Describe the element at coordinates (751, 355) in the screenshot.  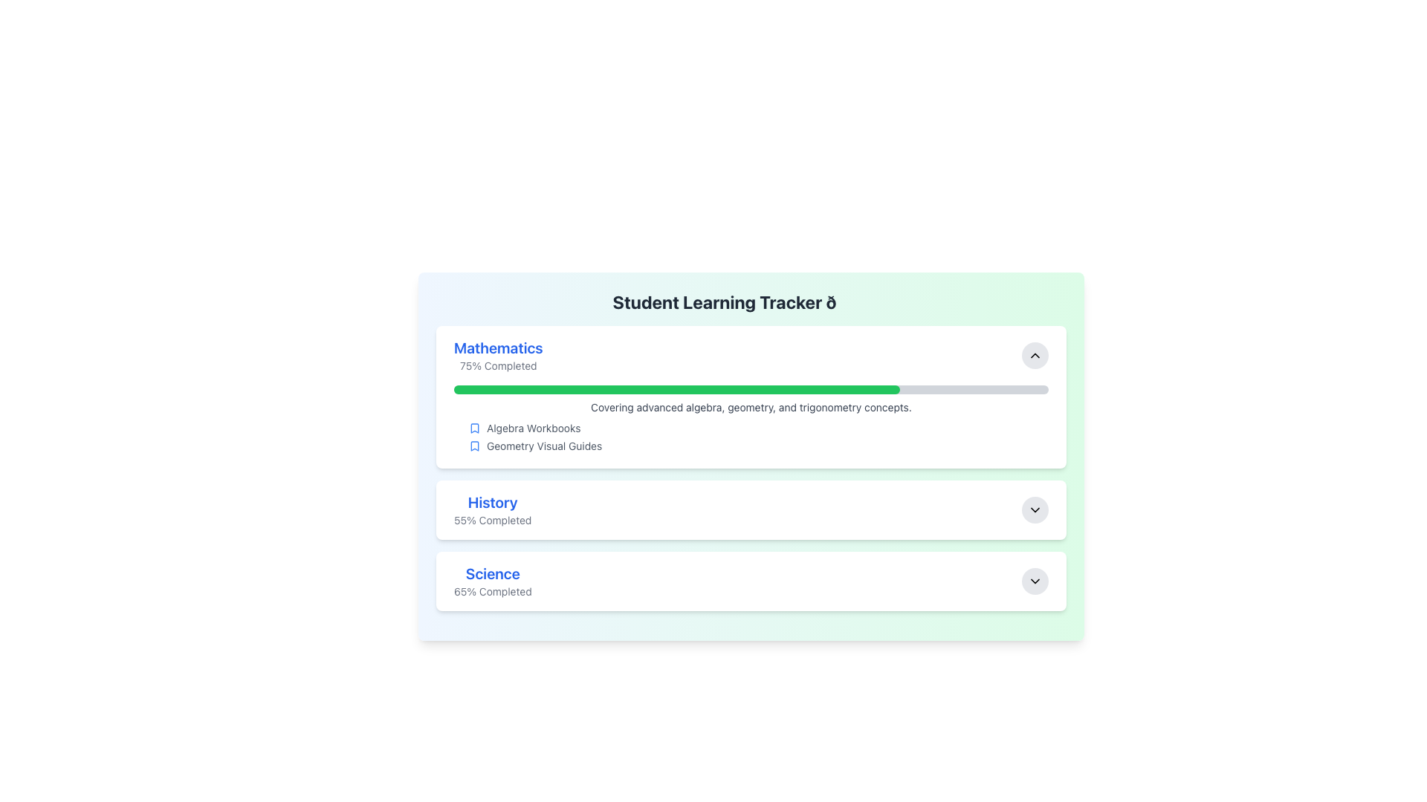
I see `the Mathematics section banner` at that location.